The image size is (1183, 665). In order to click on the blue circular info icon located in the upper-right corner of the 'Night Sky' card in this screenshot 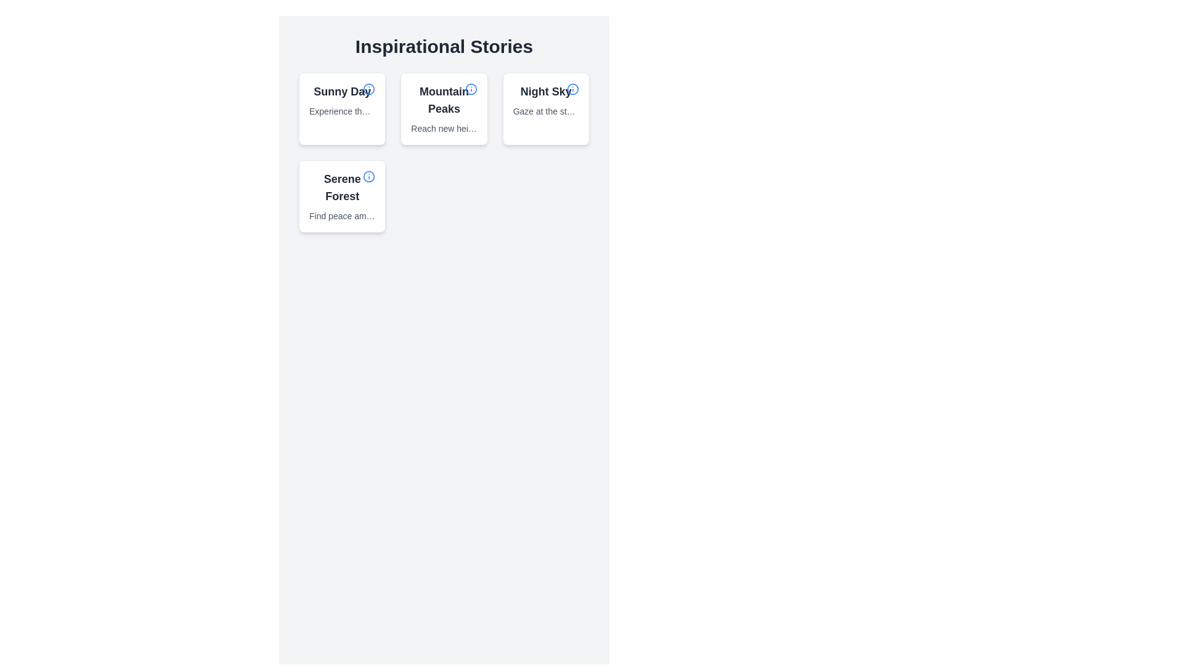, I will do `click(572, 89)`.